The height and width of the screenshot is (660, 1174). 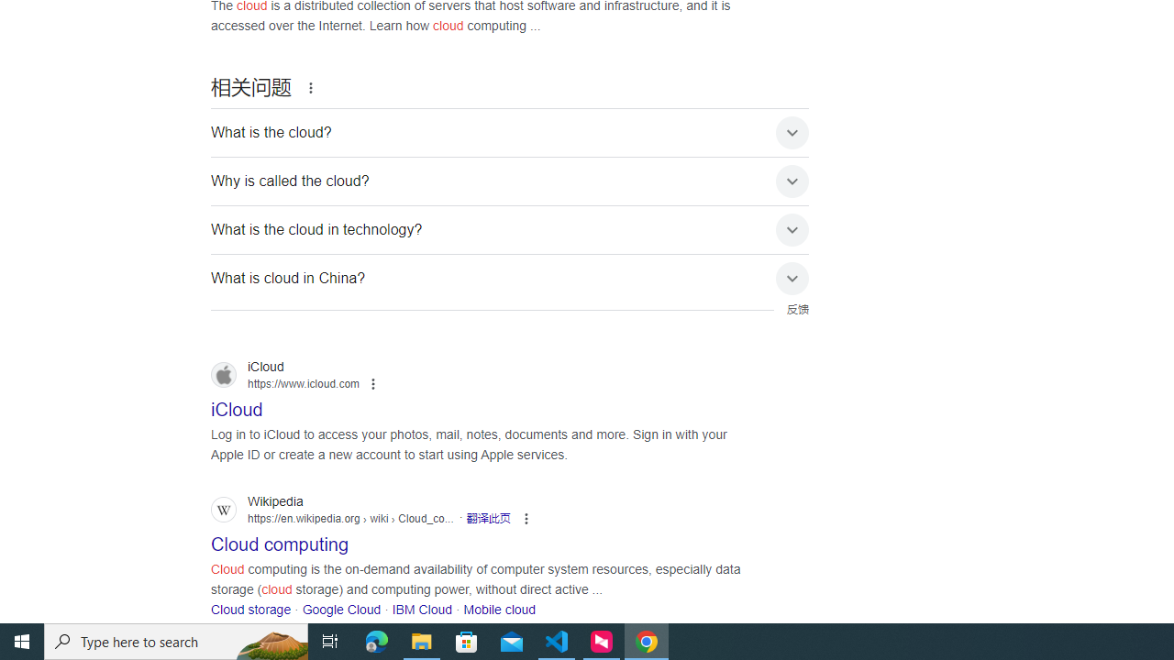 I want to click on 'What is the cloud in technology?', so click(x=510, y=229).